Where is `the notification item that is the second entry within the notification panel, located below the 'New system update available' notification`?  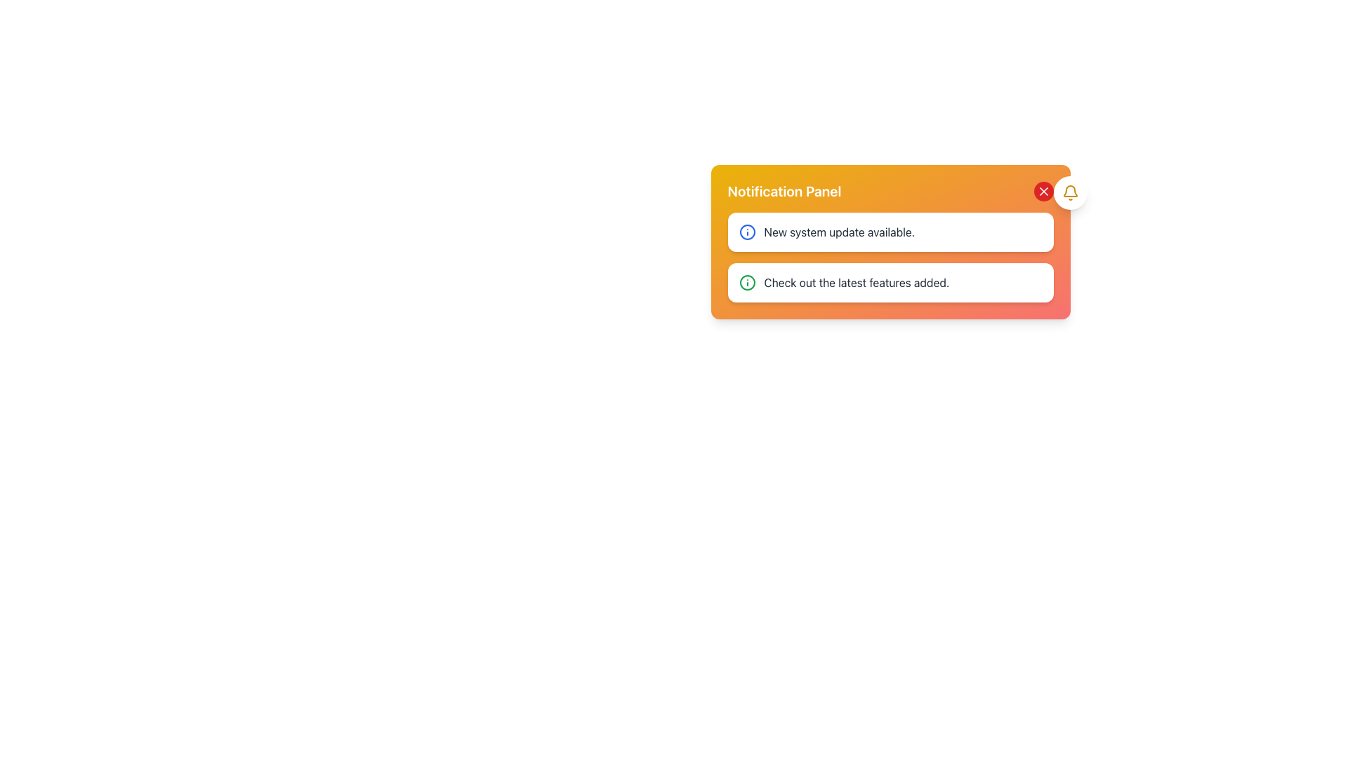
the notification item that is the second entry within the notification panel, located below the 'New system update available' notification is located at coordinates (890, 282).